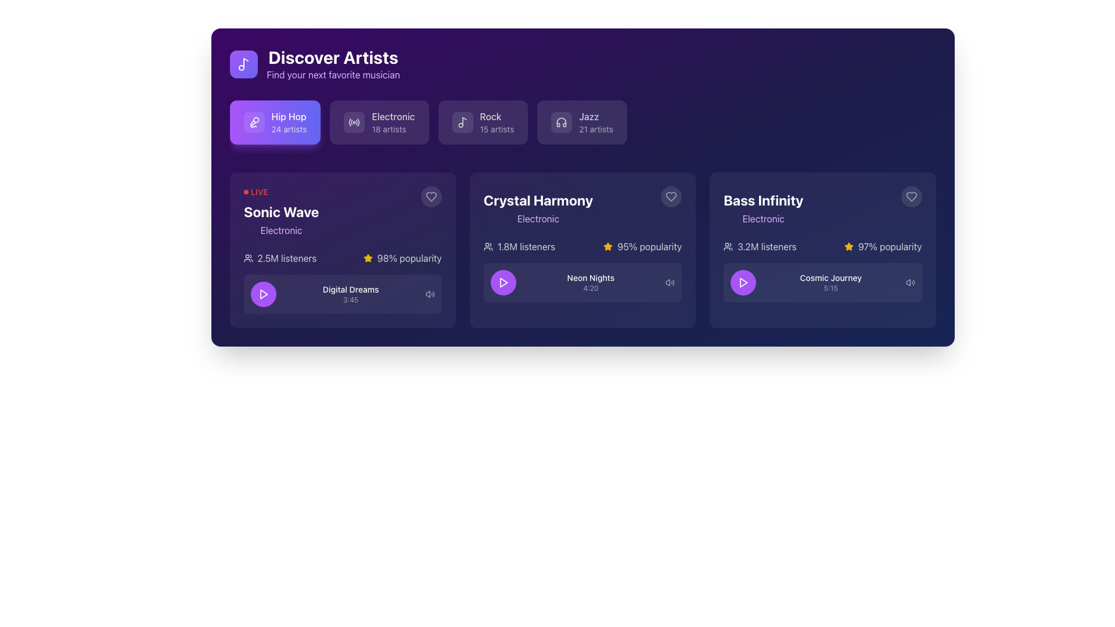  Describe the element at coordinates (671, 196) in the screenshot. I see `the favorite or like button located in the top-right corner of the 'Crystal Harmony' card` at that location.